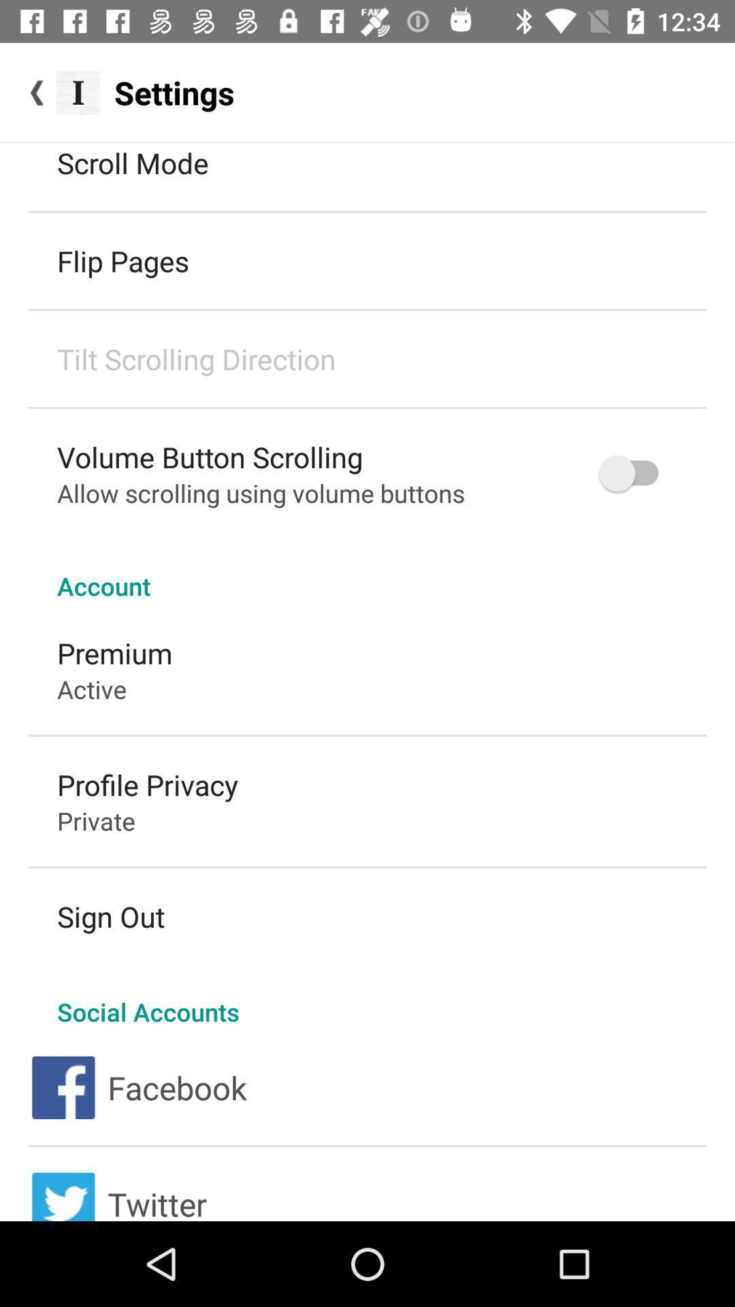 Image resolution: width=735 pixels, height=1307 pixels. What do you see at coordinates (176, 1086) in the screenshot?
I see `the icon below the social accounts icon` at bounding box center [176, 1086].